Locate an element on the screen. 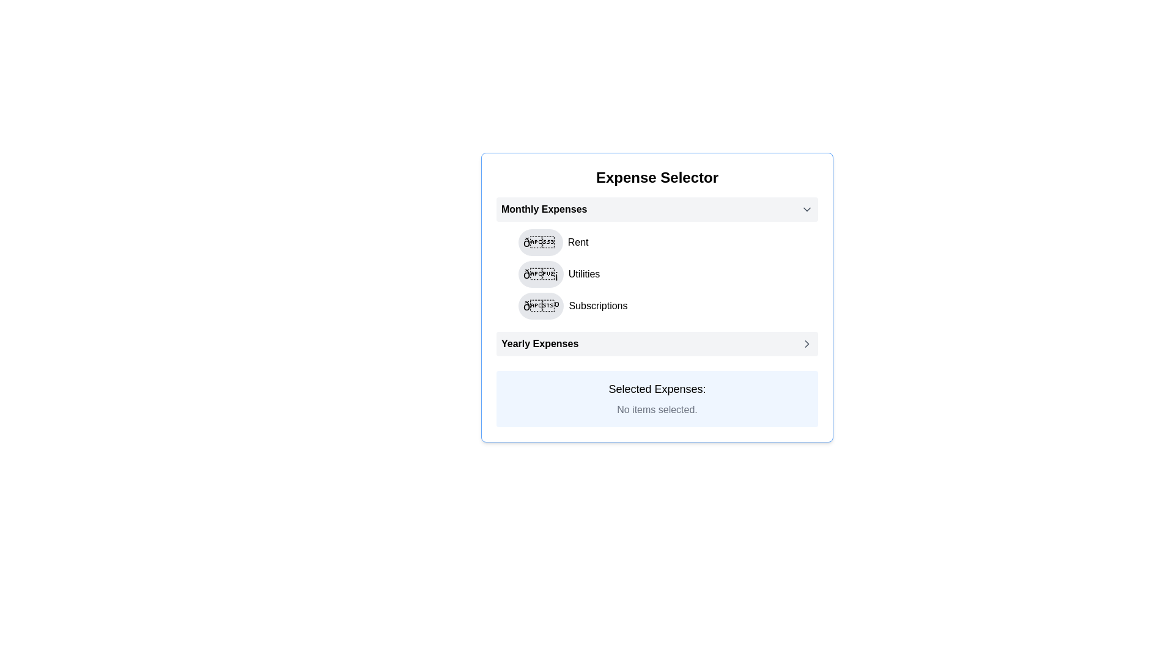 The image size is (1174, 660). the right-pointing chevron icon in the 'Yearly Expenses' section, which indicates an expandable or navigational action is located at coordinates (807, 344).